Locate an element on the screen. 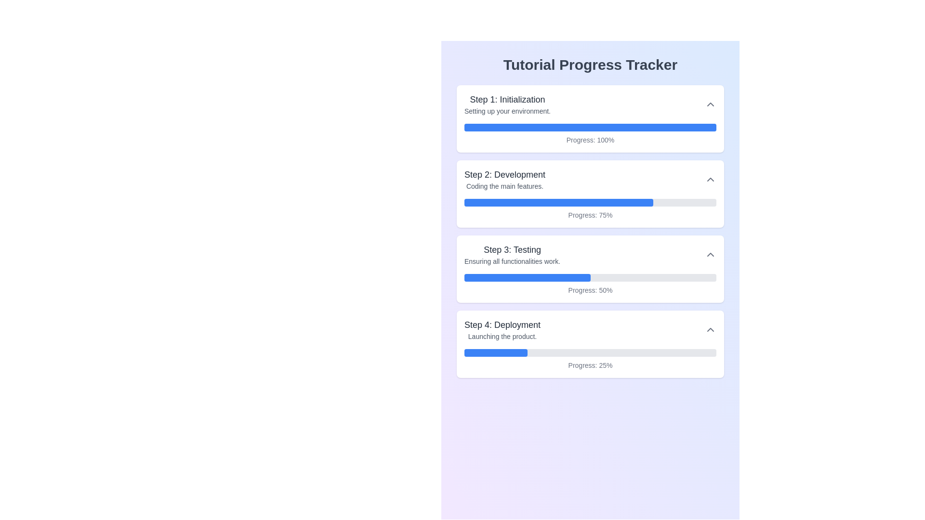 The height and width of the screenshot is (520, 925). text content of the Text display that shows 'Step 2: Development' and 'Coding the main features.' is located at coordinates (504, 180).